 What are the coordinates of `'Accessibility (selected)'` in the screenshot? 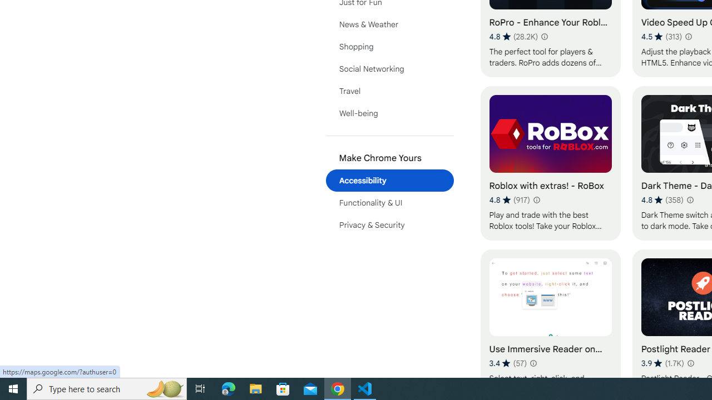 It's located at (389, 180).